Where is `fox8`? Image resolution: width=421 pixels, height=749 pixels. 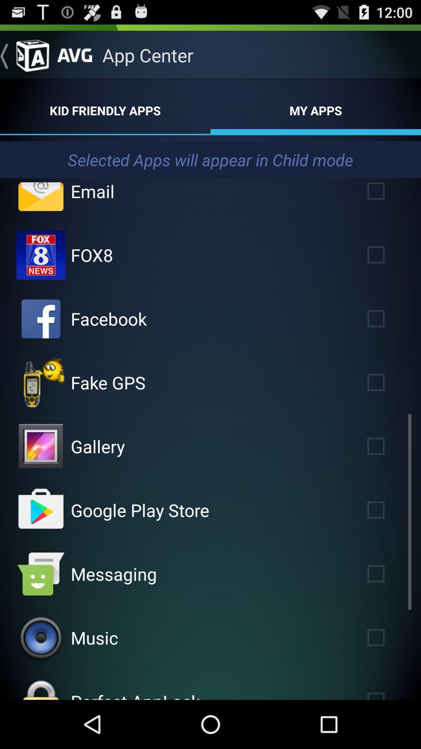 fox8 is located at coordinates (387, 255).